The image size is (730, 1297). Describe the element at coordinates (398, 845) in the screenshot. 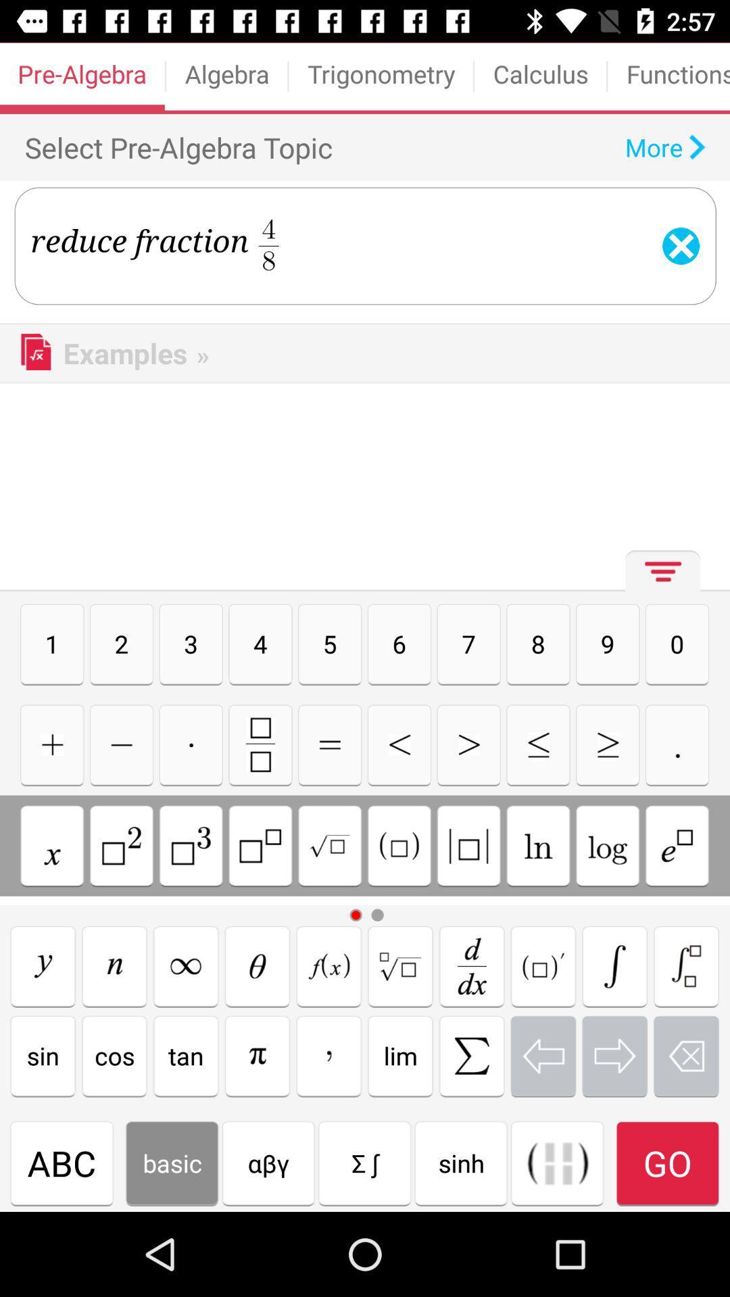

I see `put in parentheses` at that location.